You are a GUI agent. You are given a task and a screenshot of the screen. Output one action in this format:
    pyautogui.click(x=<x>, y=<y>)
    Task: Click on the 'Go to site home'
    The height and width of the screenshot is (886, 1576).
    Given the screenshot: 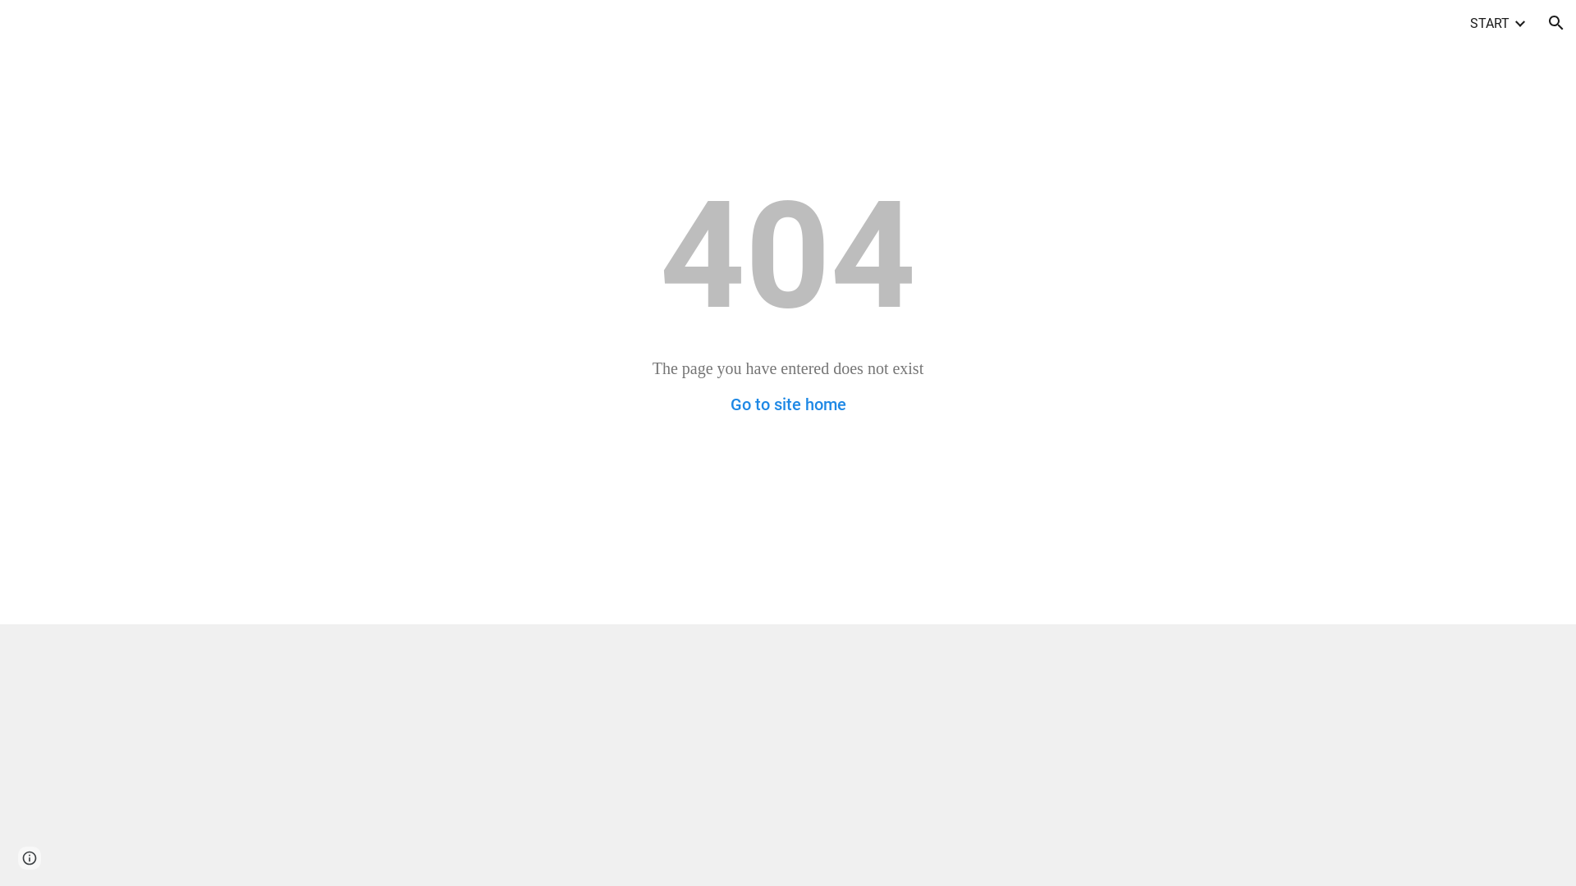 What is the action you would take?
    pyautogui.click(x=788, y=404)
    